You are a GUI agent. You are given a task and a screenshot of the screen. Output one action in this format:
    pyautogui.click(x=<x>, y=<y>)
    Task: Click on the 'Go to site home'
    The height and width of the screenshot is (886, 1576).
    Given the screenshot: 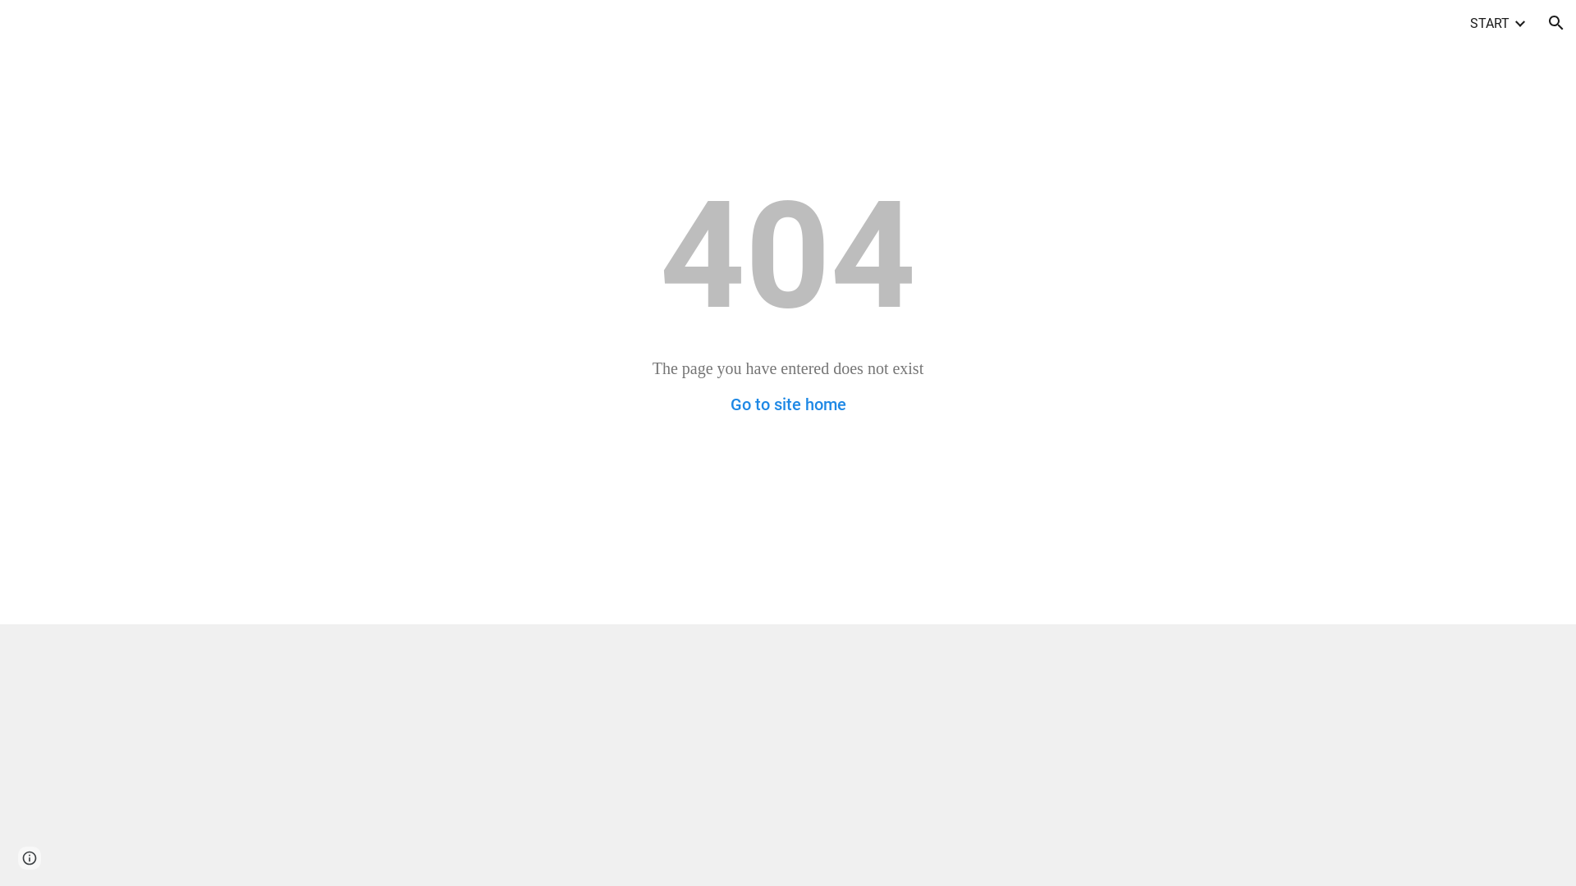 What is the action you would take?
    pyautogui.click(x=788, y=404)
    